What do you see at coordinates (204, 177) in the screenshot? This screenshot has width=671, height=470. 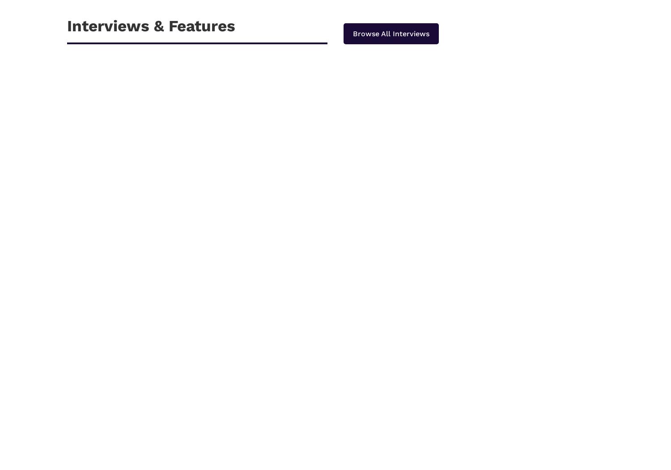 I see `'3 Reasons Why It is a Must to Hire an eCommerce Design Agency'` at bounding box center [204, 177].